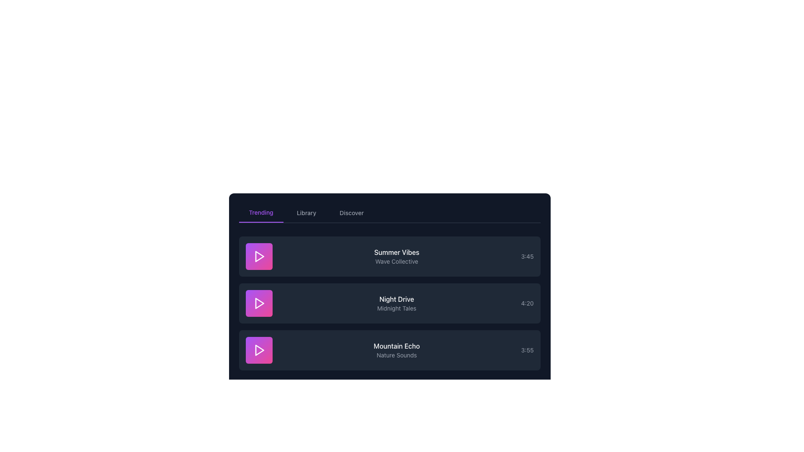 The height and width of the screenshot is (452, 804). What do you see at coordinates (389, 303) in the screenshot?
I see `the song entry 'Night Drive'` at bounding box center [389, 303].